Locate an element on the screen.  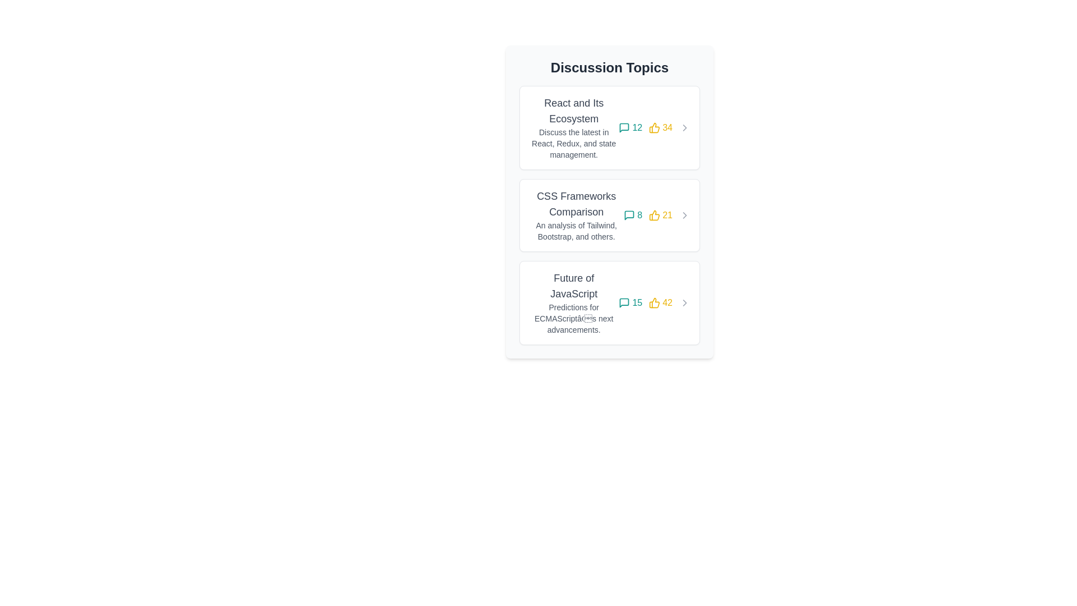
the visual styling of the endorsement icon located within the 'Discussion Topics' panel, specifically for the first topic entry titled 'React and Its Ecosystem', positioned to the right of the count number (34) is located at coordinates (655, 127).